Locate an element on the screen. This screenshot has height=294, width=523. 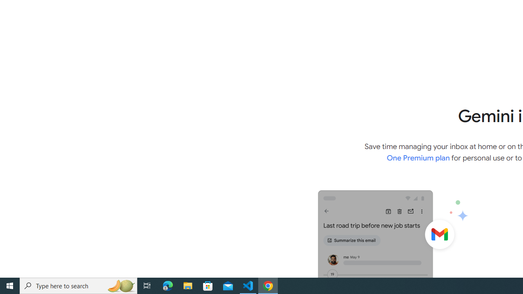
'Microsoft Store' is located at coordinates (208, 285).